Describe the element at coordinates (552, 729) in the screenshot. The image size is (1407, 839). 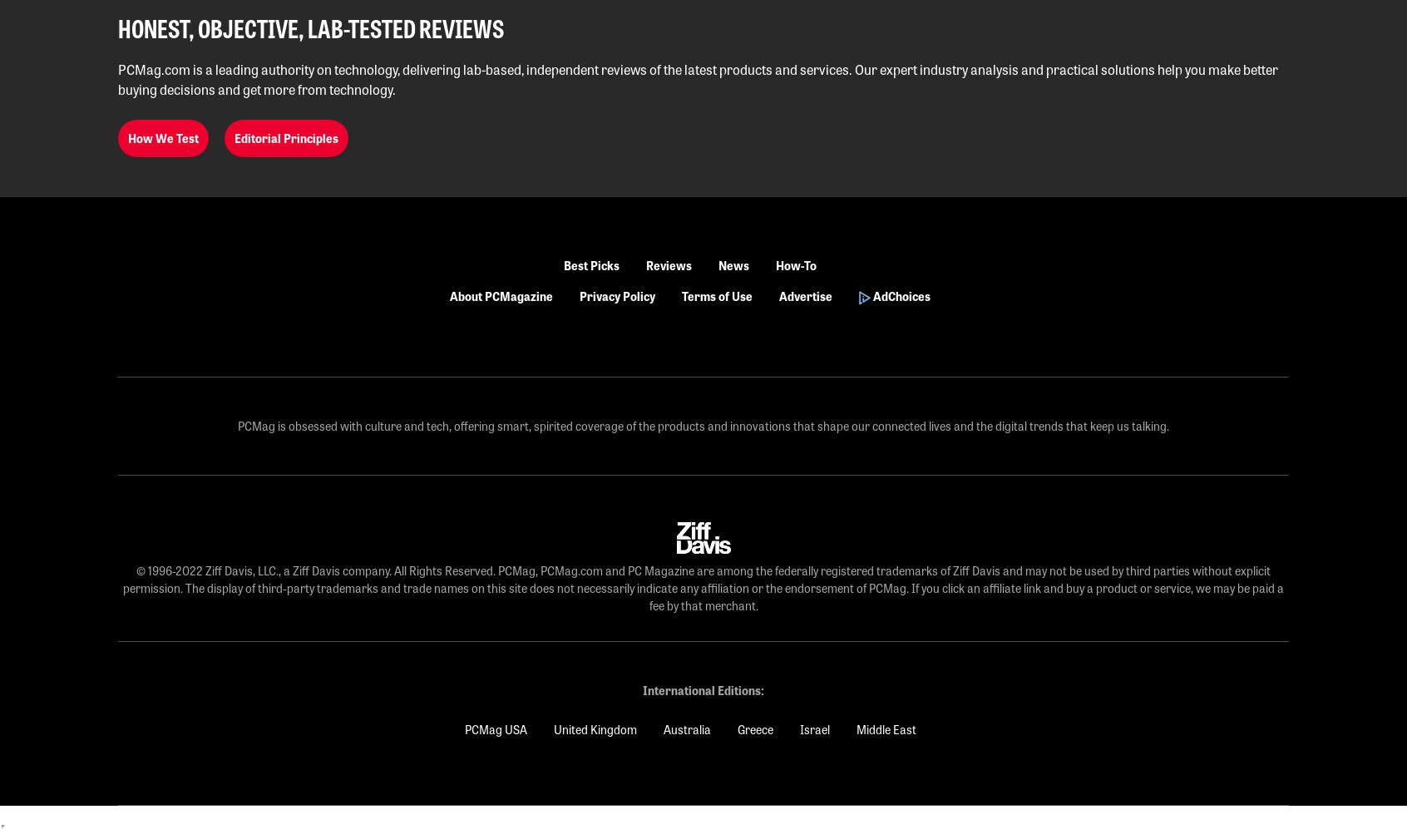
I see `'United Kingdom'` at that location.